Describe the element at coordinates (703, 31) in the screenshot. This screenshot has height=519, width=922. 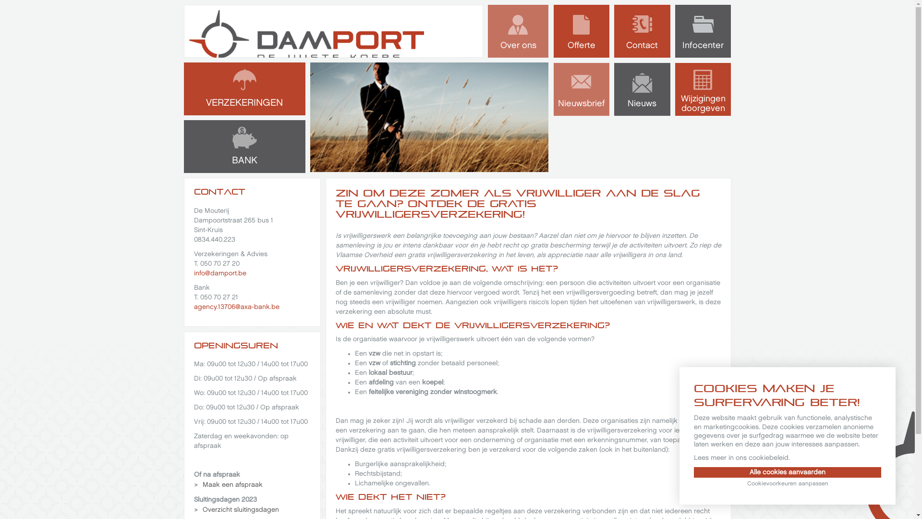
I see `'Infocenter'` at that location.